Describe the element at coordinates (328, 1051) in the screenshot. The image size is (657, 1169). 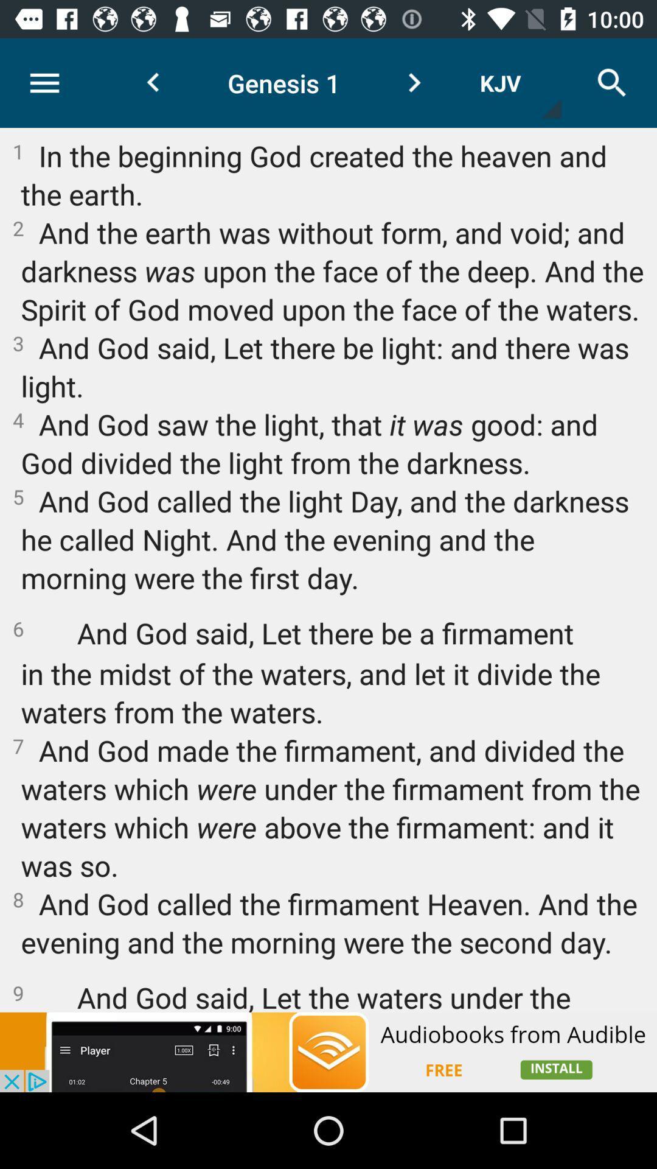
I see `open` at that location.